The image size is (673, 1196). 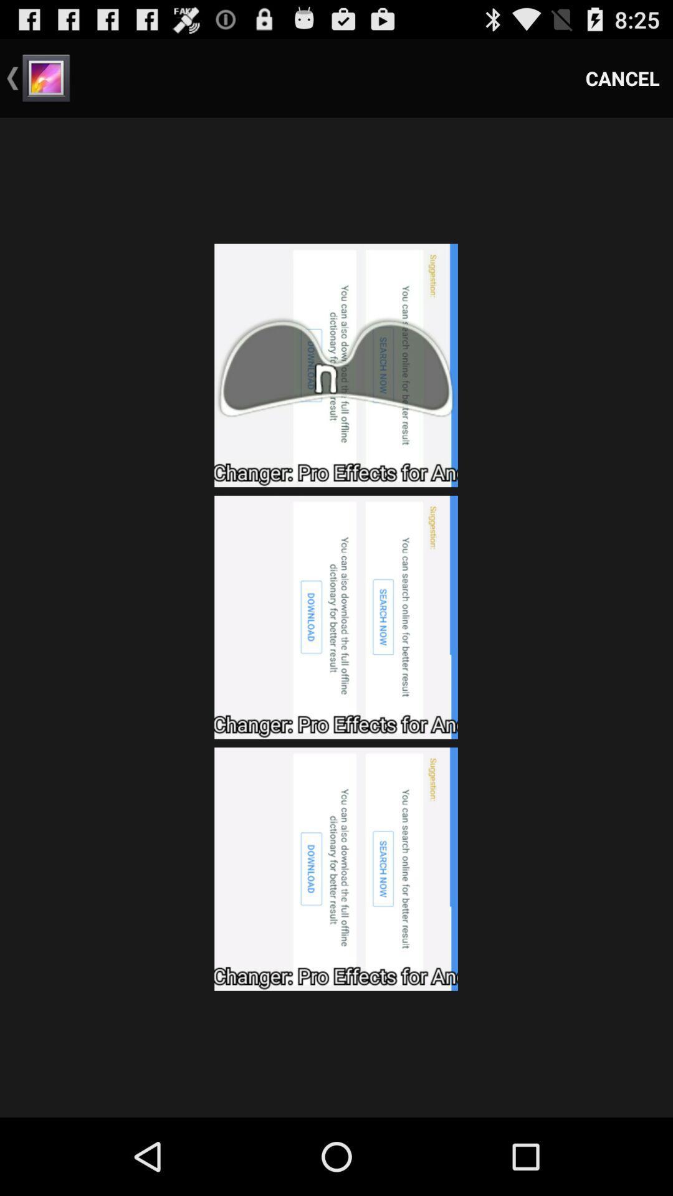 I want to click on the icon at the top right corner, so click(x=623, y=77).